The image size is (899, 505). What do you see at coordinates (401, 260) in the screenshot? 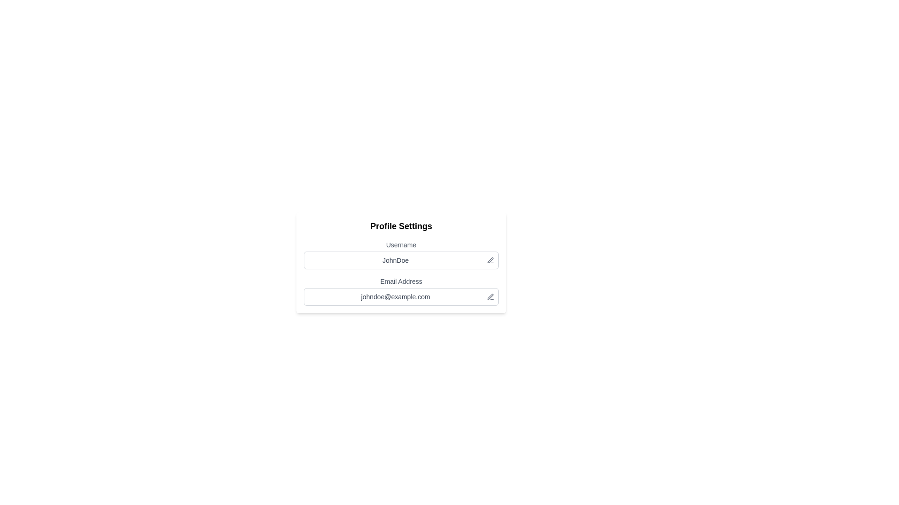
I see `the editable username field, which is indicated by a pen icon and is positioned under the 'Username' label in the settings form` at bounding box center [401, 260].